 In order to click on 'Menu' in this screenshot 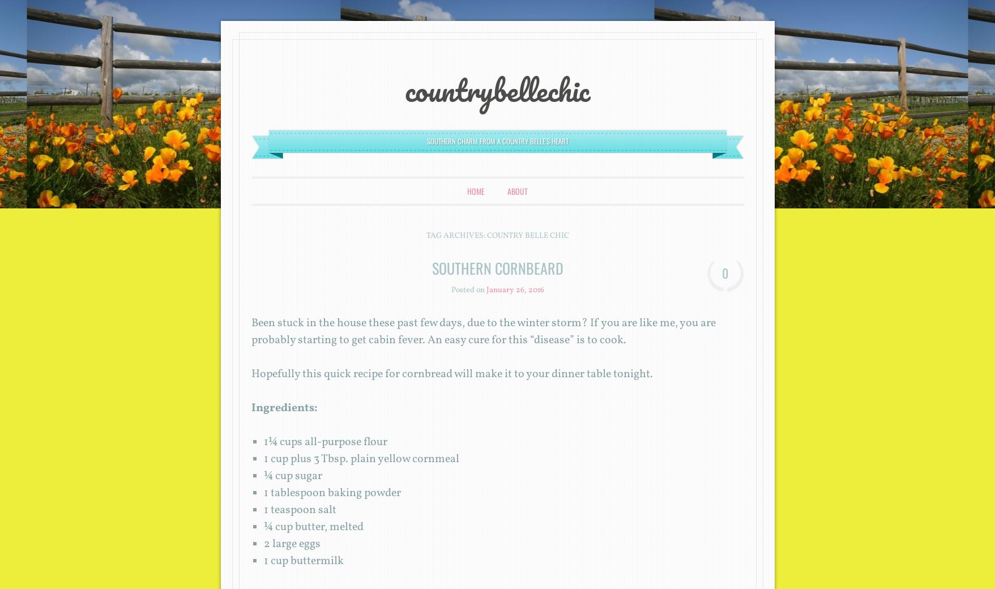, I will do `click(266, 186)`.